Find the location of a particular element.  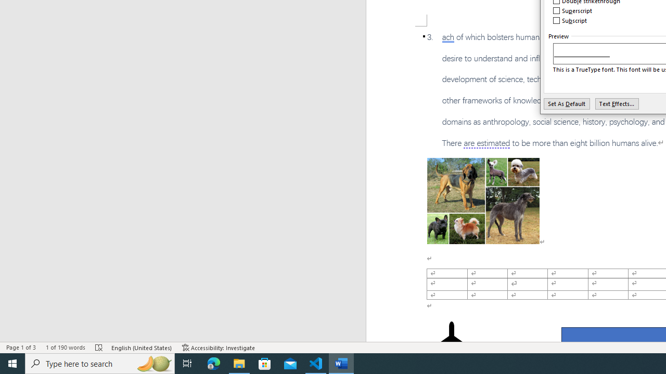

'Start' is located at coordinates (12, 363).